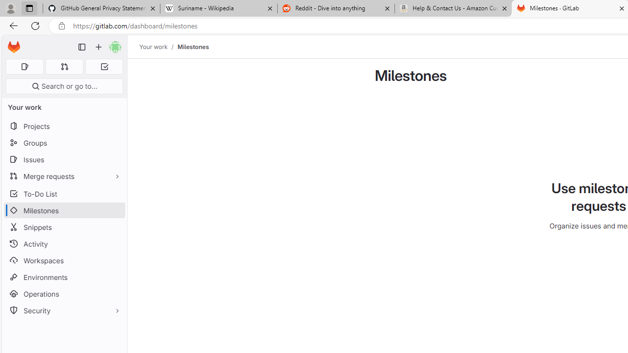  Describe the element at coordinates (64, 310) in the screenshot. I see `'Security'` at that location.